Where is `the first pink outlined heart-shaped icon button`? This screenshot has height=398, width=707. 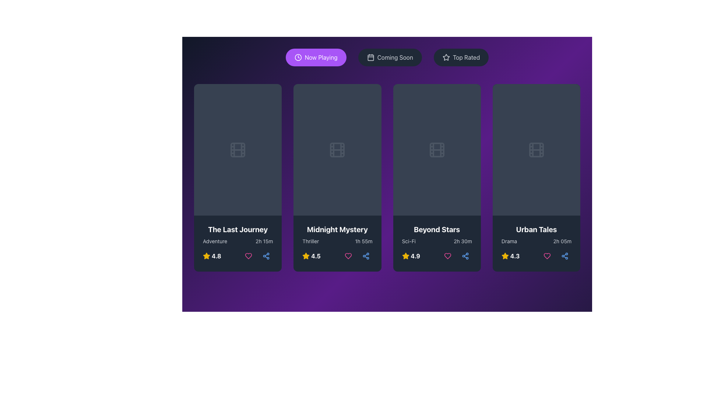
the first pink outlined heart-shaped icon button is located at coordinates (249, 256).